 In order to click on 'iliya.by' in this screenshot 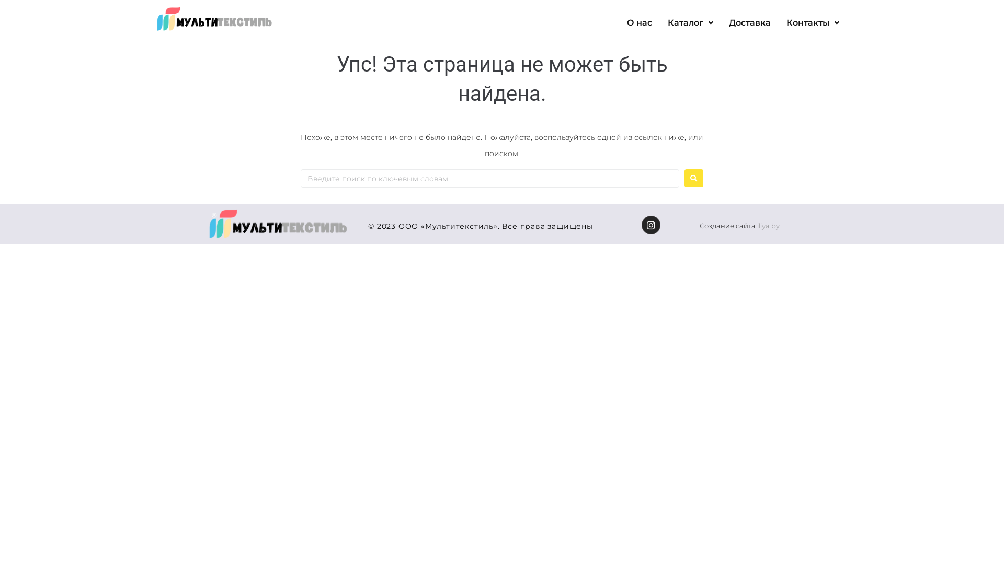, I will do `click(768, 225)`.